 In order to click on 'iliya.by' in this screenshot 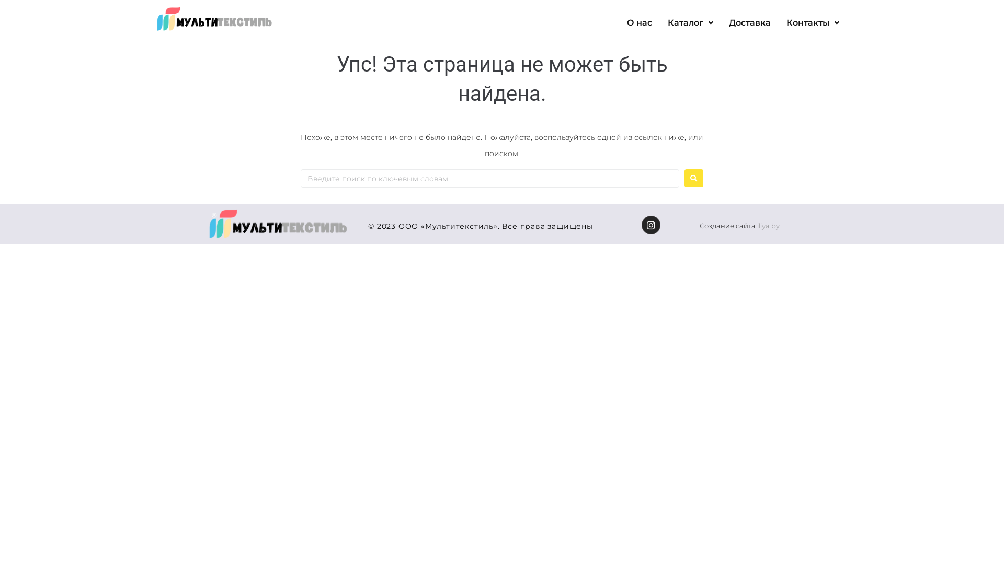, I will do `click(768, 225)`.